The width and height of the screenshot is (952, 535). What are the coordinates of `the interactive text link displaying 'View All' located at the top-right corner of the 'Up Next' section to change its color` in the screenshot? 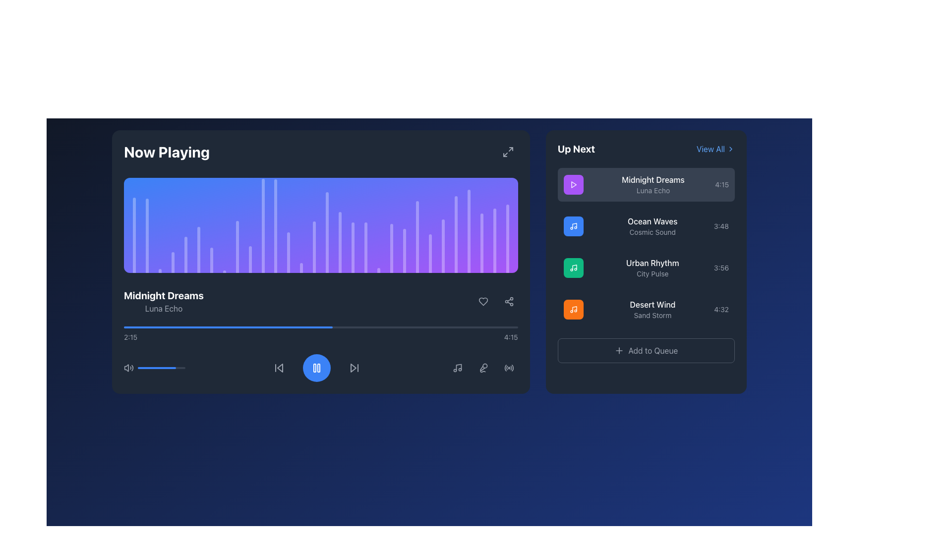 It's located at (715, 149).